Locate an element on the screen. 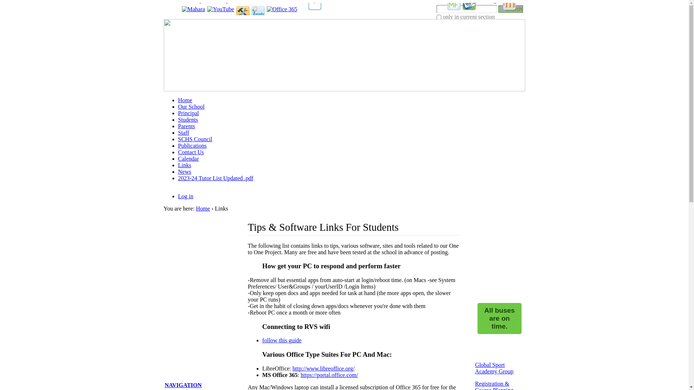  'Mahara' is located at coordinates (193, 9).